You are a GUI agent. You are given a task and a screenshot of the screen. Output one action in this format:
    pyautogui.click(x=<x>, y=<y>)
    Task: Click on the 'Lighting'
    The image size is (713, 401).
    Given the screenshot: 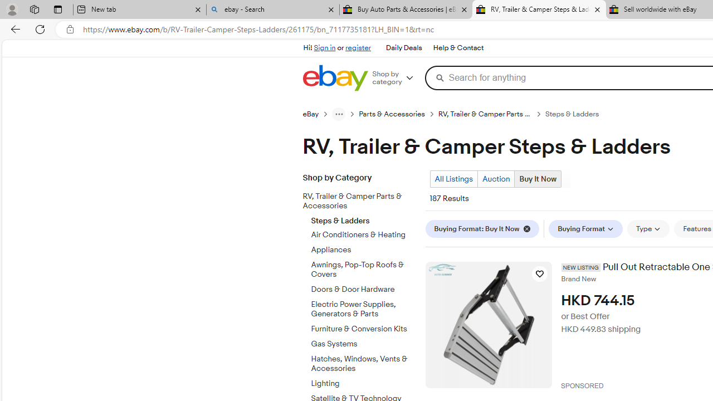 What is the action you would take?
    pyautogui.click(x=364, y=383)
    